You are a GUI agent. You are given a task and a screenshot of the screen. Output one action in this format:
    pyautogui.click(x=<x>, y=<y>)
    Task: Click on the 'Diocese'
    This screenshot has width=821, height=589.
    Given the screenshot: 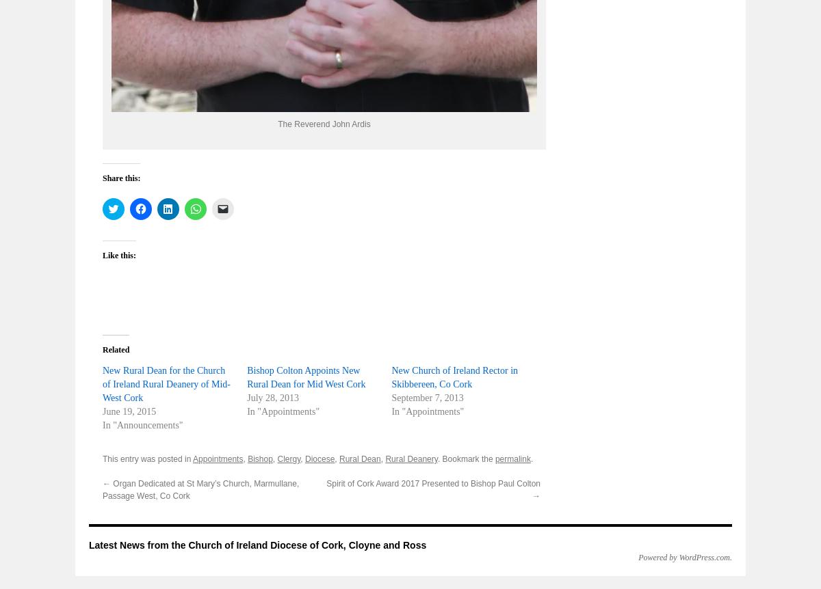 What is the action you would take?
    pyautogui.click(x=319, y=458)
    